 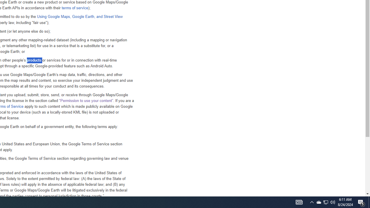 I want to click on 'terms of service', so click(x=74, y=8).